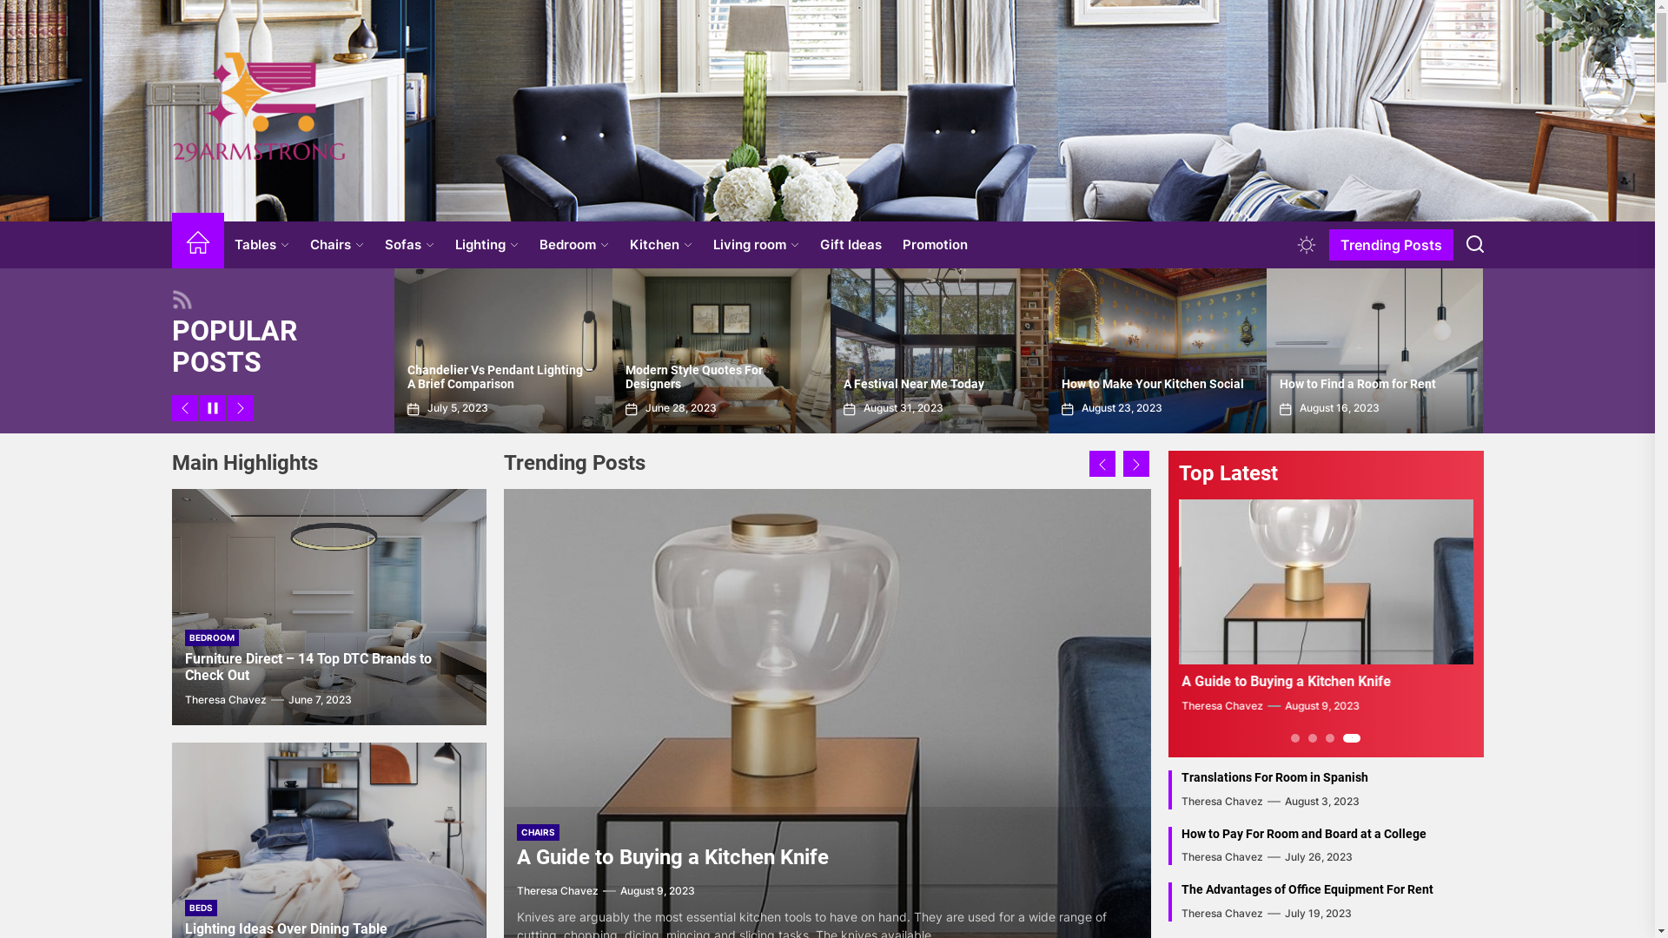 The image size is (1668, 938). What do you see at coordinates (1318, 855) in the screenshot?
I see `'July 26, 2023'` at bounding box center [1318, 855].